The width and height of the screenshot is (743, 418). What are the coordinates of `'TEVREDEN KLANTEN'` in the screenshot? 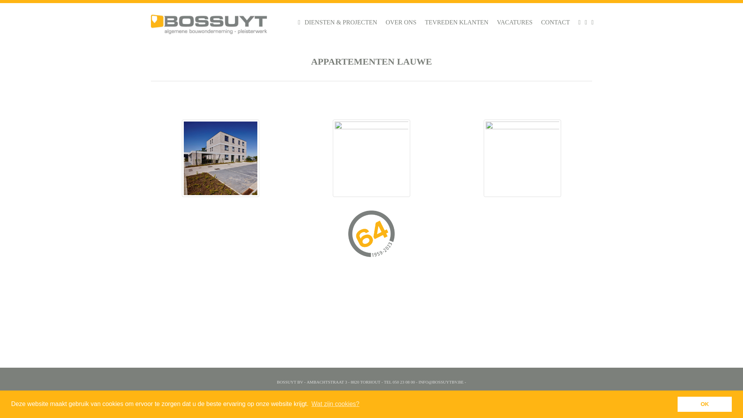 It's located at (457, 22).